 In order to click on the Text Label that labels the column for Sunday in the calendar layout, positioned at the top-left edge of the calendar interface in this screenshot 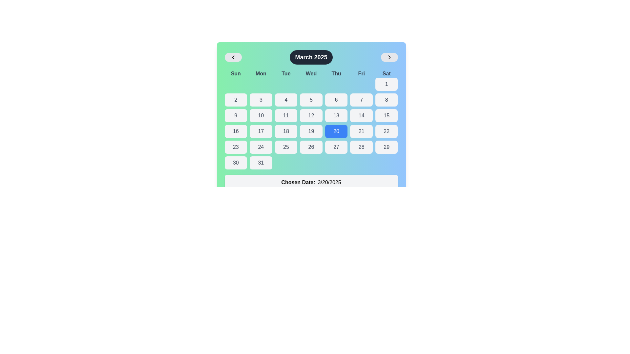, I will do `click(236, 73)`.